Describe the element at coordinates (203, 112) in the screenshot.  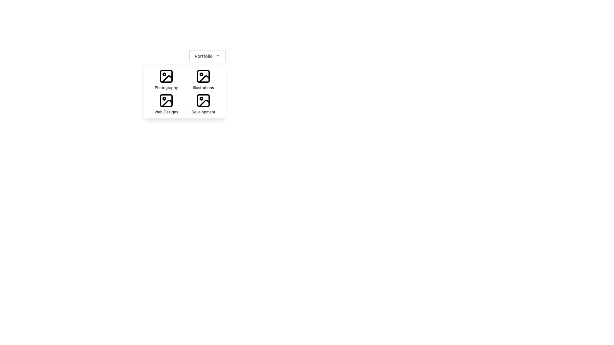
I see `the text label located in the lower right corner of a 2x2 grid within a dropdown menu, which provides context for the icon above it` at that location.